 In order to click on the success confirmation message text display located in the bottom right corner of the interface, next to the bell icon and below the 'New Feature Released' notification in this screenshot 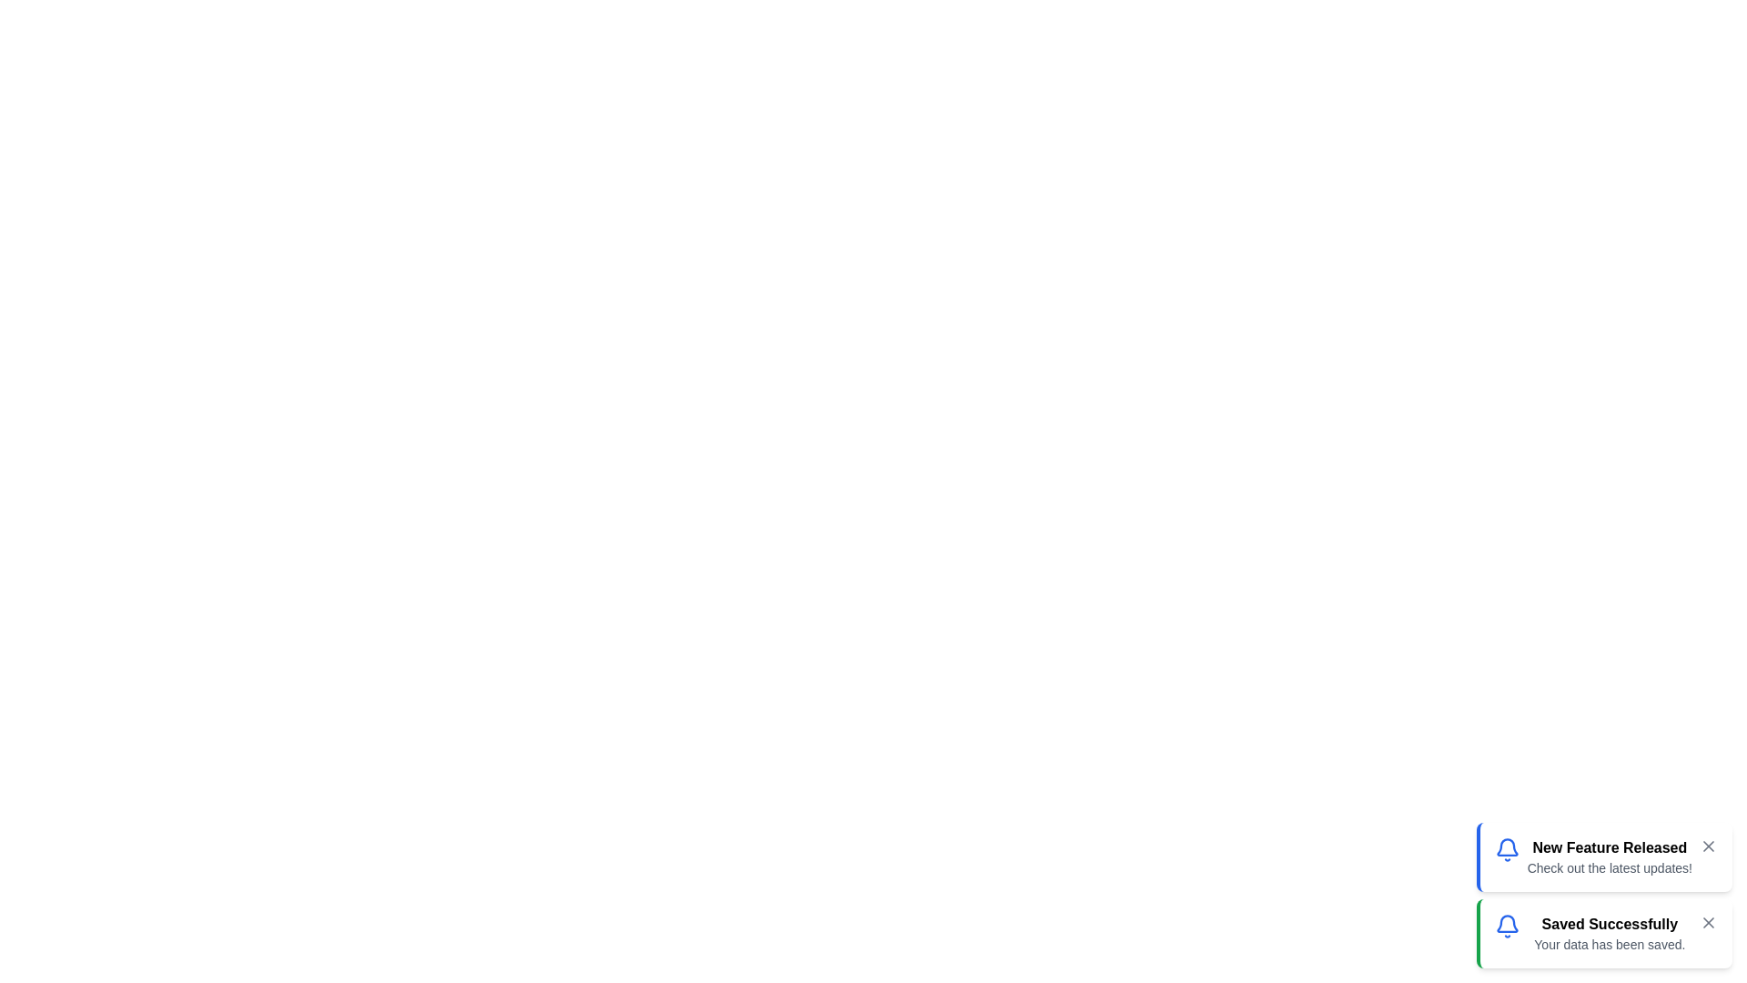, I will do `click(1610, 934)`.